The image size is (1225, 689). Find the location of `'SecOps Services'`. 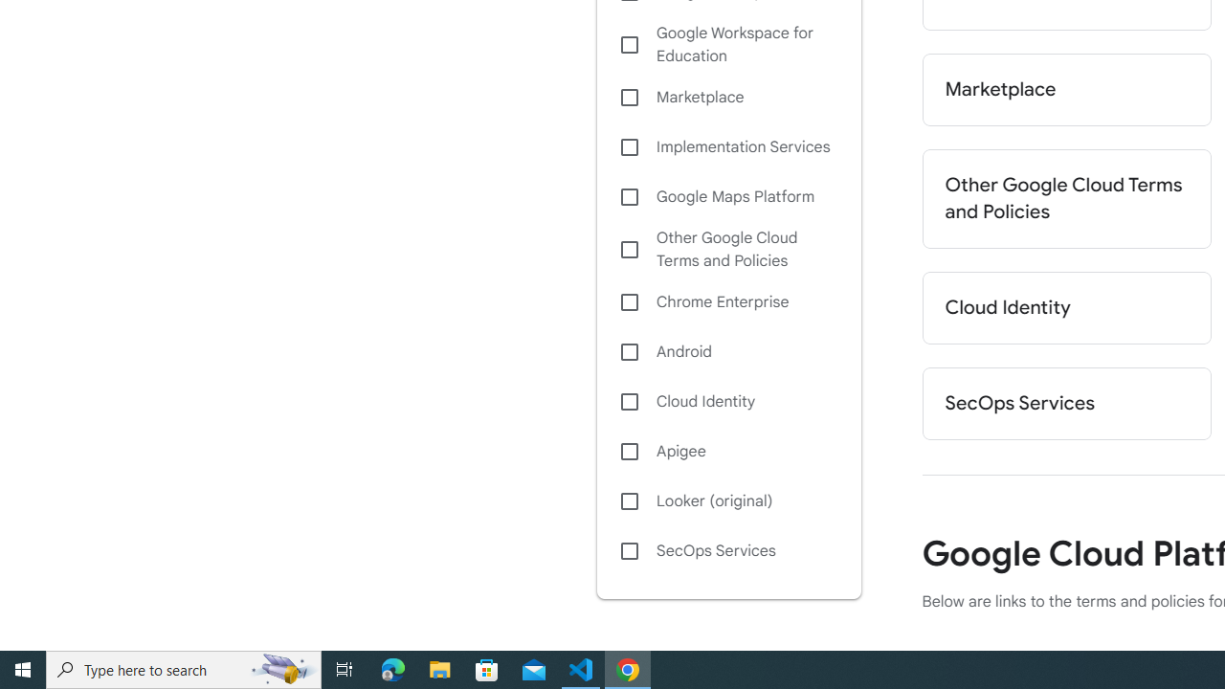

'SecOps Services' is located at coordinates (727, 551).